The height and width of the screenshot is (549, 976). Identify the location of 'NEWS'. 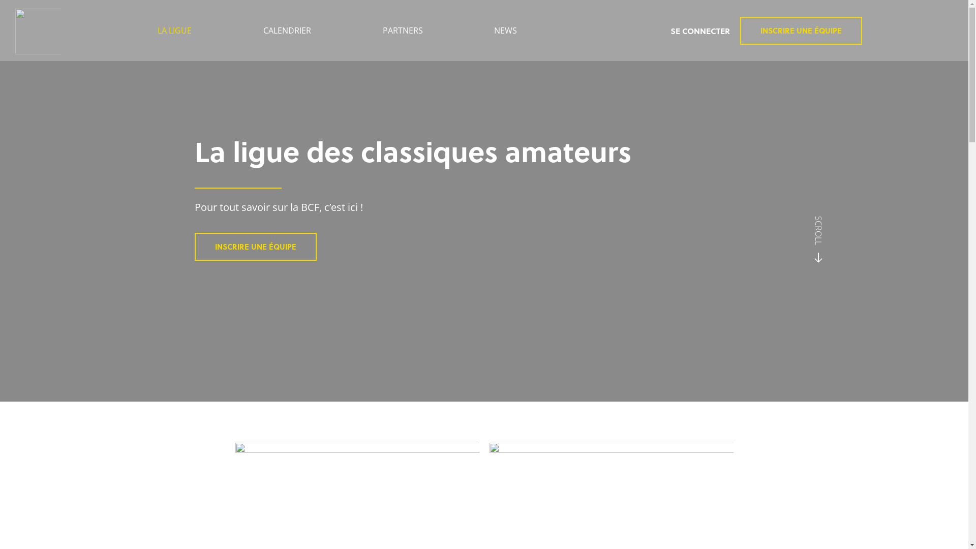
(505, 30).